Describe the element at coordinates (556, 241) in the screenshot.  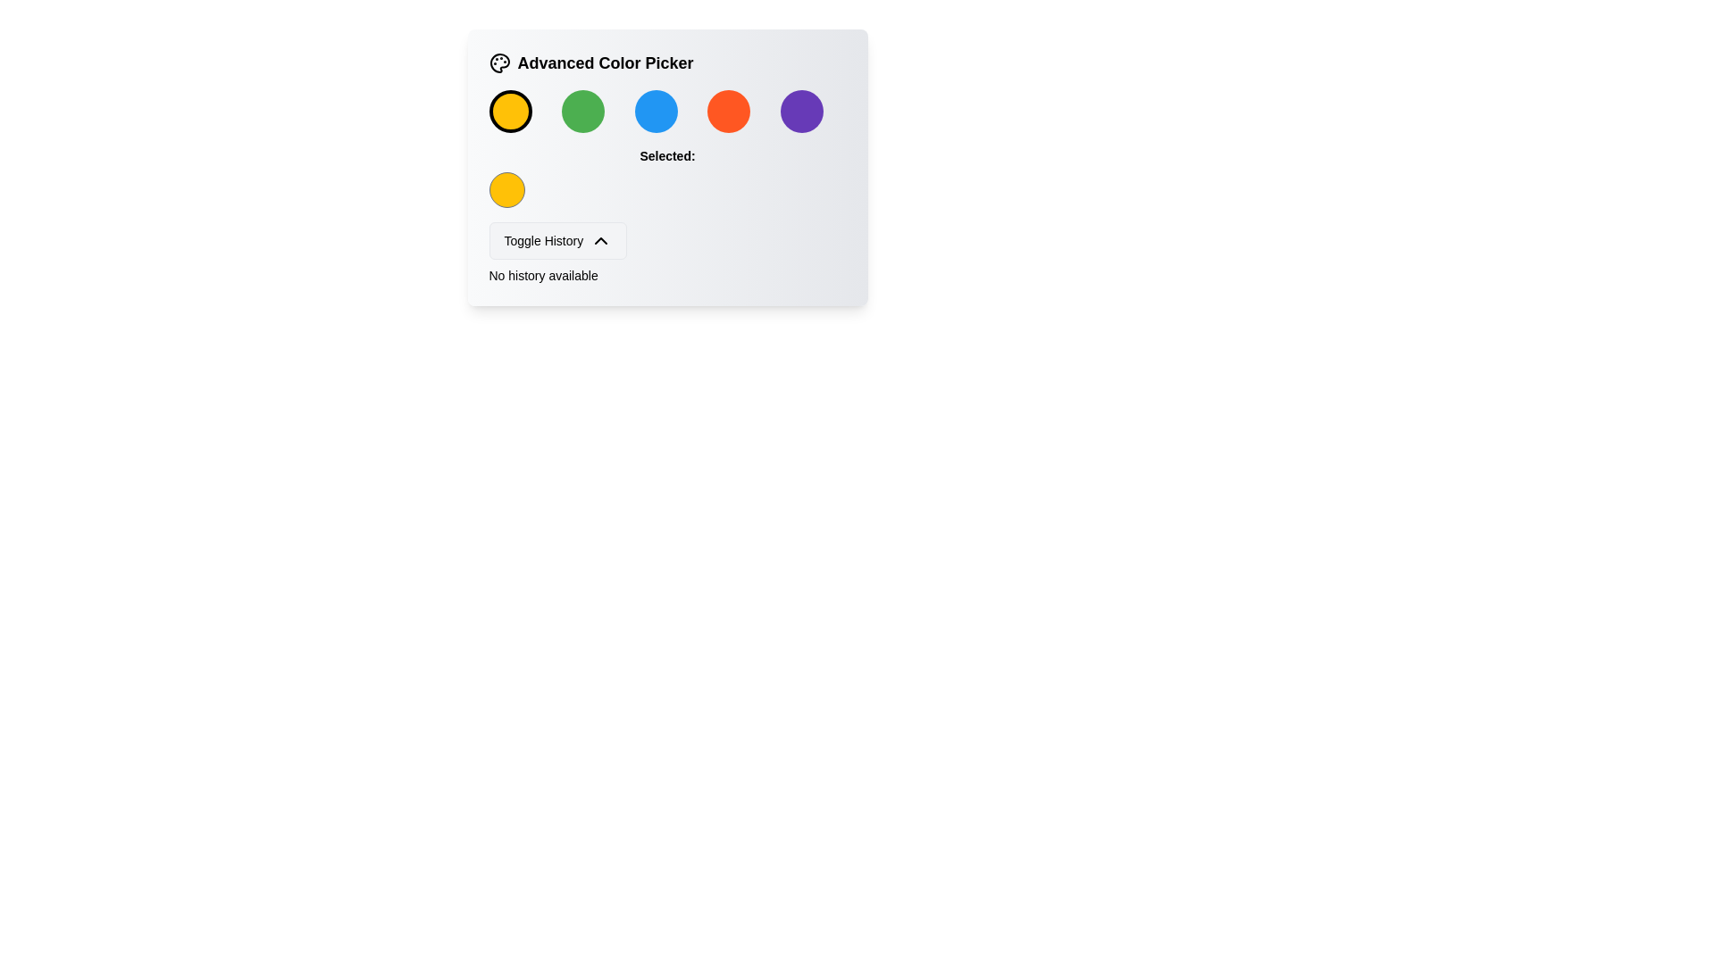
I see `the 'Toggle History' button, which is a rectangular button with rounded corners, light gray background, and an upward-facing chevron icon` at that location.